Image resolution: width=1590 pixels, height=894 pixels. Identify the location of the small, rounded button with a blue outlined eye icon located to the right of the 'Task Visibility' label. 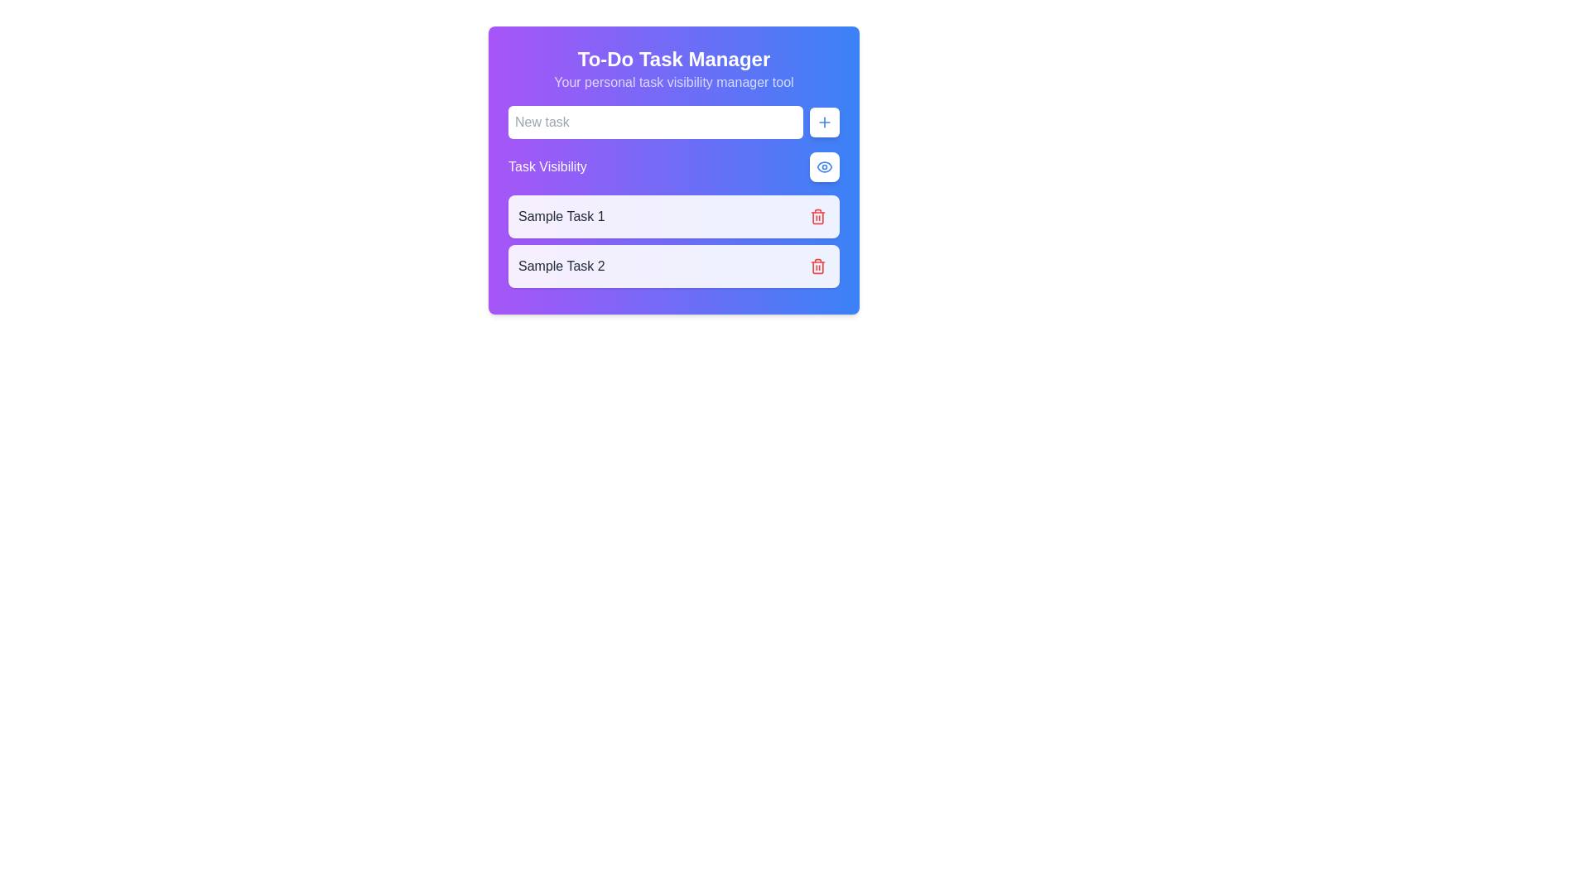
(825, 166).